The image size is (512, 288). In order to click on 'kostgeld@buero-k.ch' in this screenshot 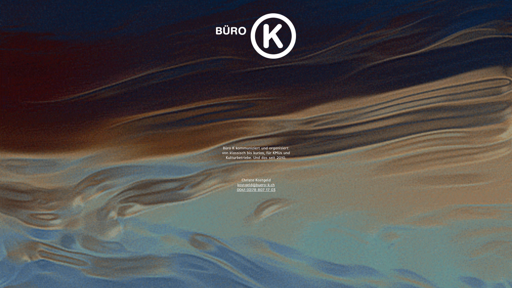, I will do `click(256, 185)`.